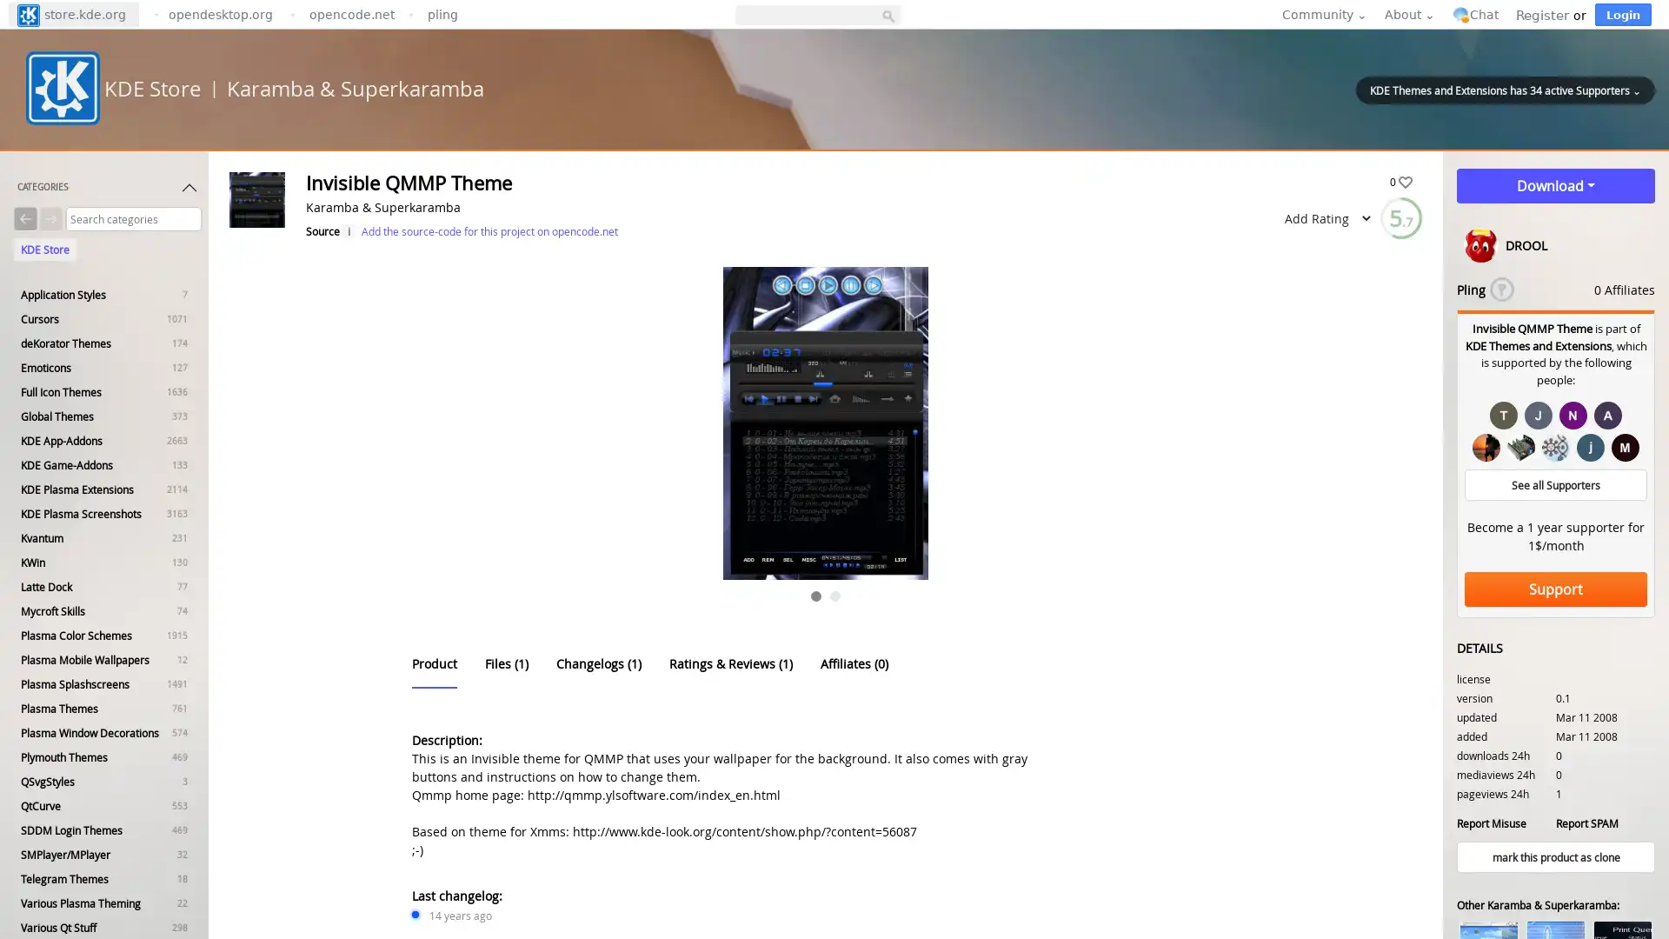  I want to click on Download, so click(1556, 185).